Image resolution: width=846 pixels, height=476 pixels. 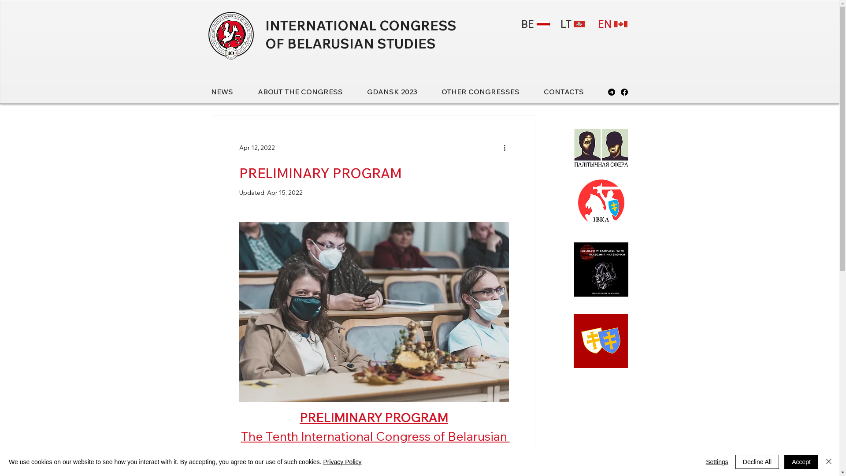 I want to click on 'lietuva.png', so click(x=579, y=23).